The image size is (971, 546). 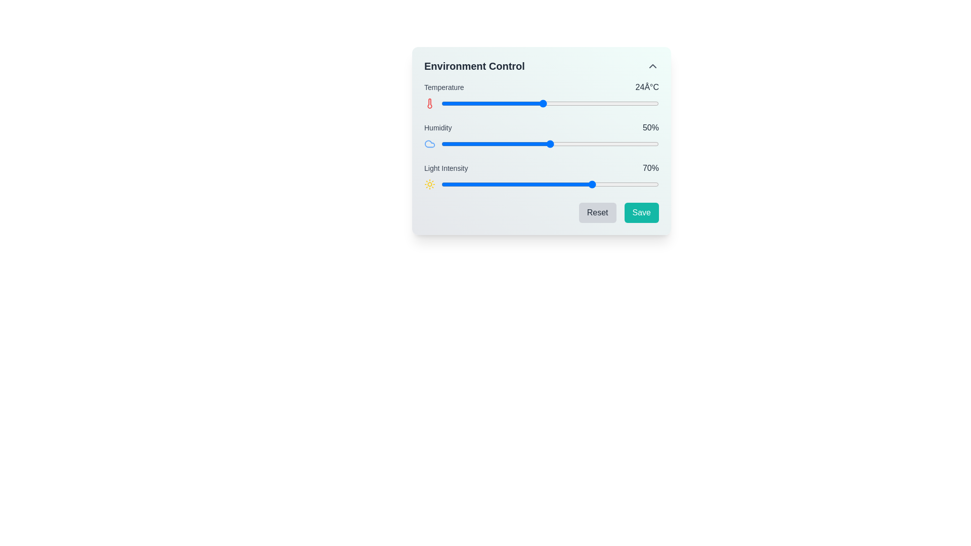 What do you see at coordinates (452, 185) in the screenshot?
I see `light intensity` at bounding box center [452, 185].